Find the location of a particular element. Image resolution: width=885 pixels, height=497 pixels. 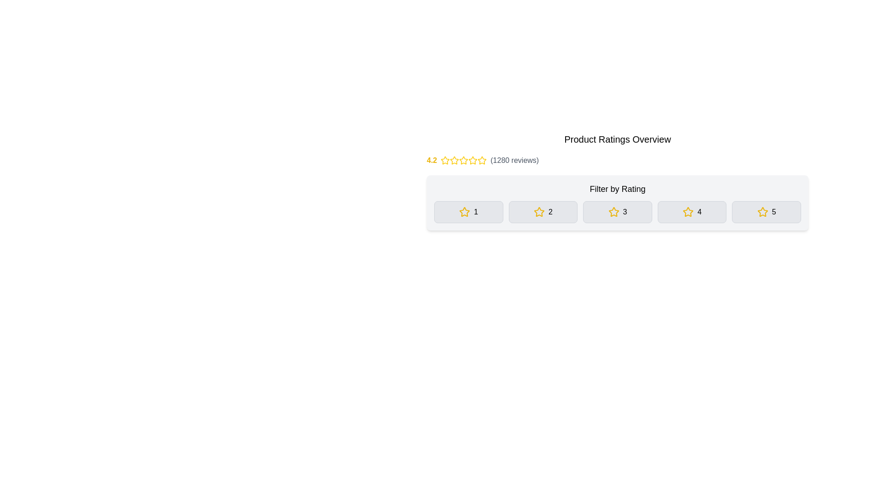

the text label that serves as a title or descriptor for the rating filter section, located above the clickable rating options is located at coordinates (617, 189).